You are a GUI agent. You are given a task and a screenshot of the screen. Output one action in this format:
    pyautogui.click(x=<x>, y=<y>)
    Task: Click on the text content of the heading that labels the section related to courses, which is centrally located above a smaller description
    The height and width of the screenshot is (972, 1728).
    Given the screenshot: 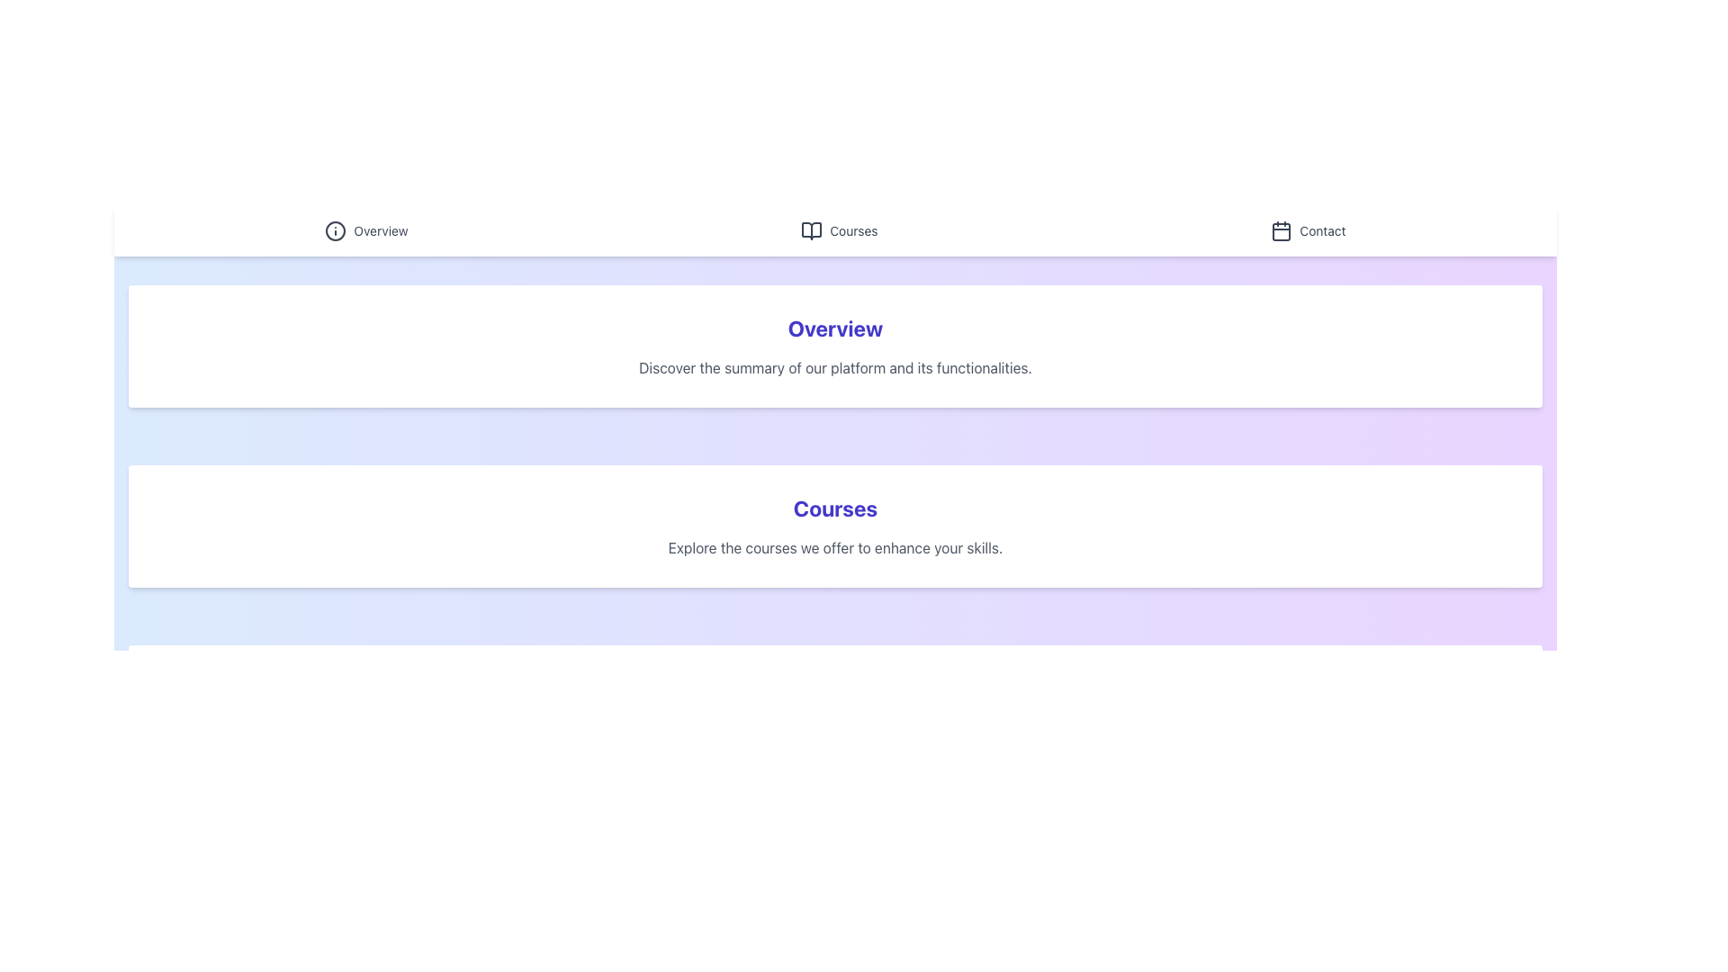 What is the action you would take?
    pyautogui.click(x=834, y=508)
    